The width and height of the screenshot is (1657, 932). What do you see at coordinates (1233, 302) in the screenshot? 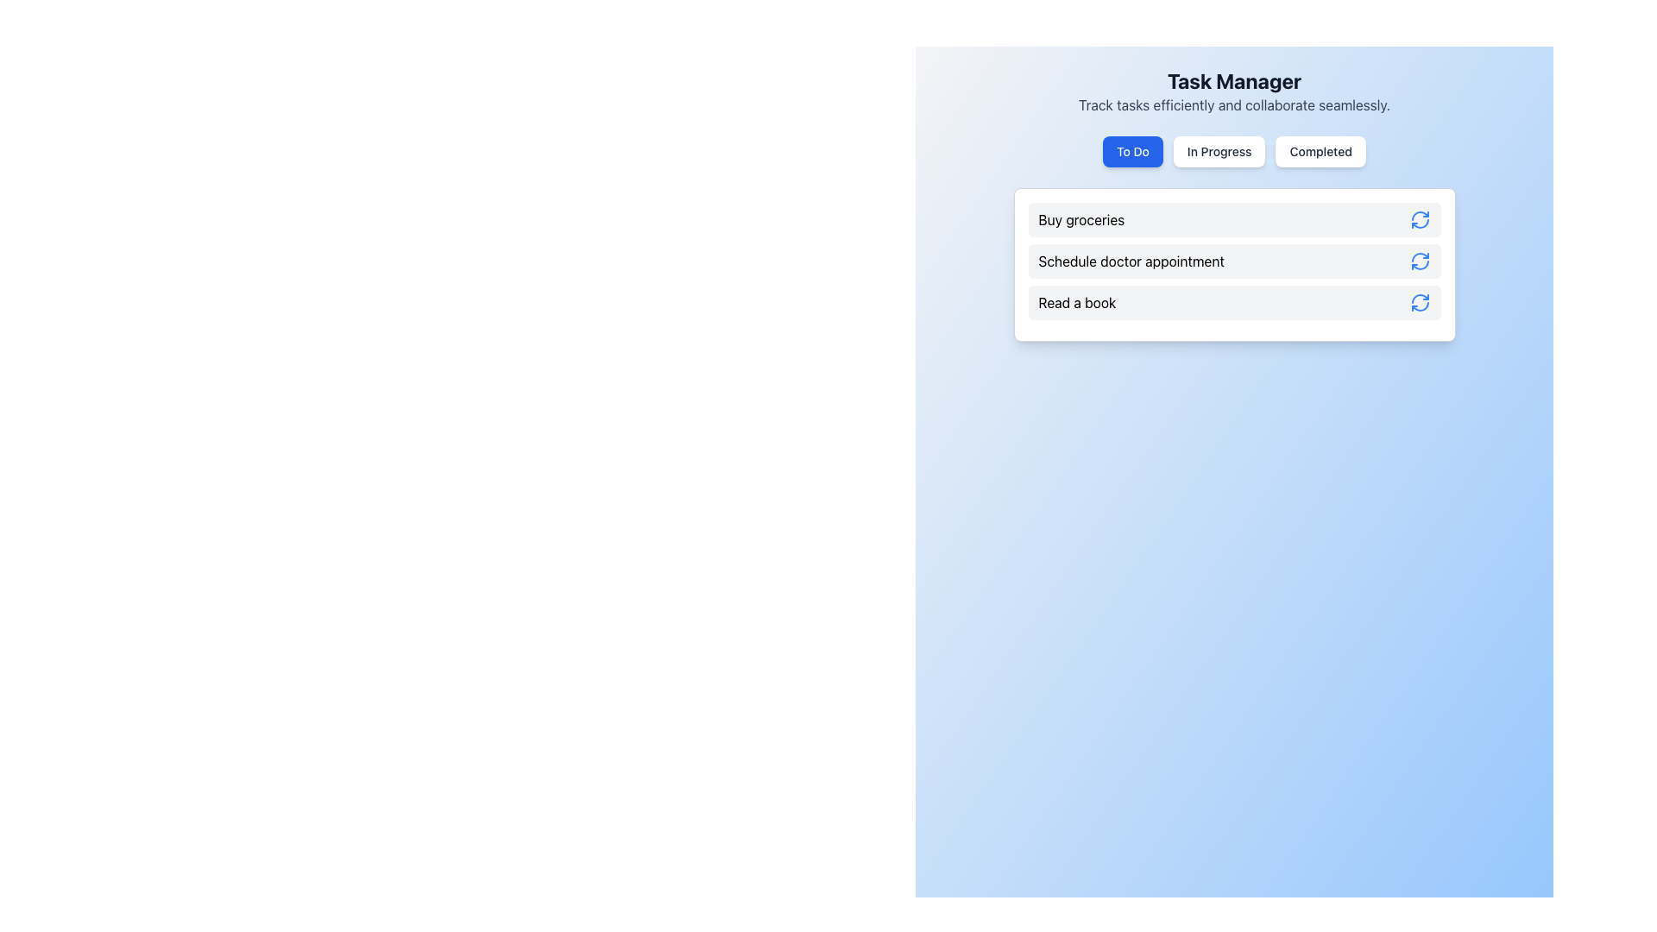
I see `the list item displaying the task 'Read a book', which is the third item in a vertical list within a white card` at bounding box center [1233, 302].